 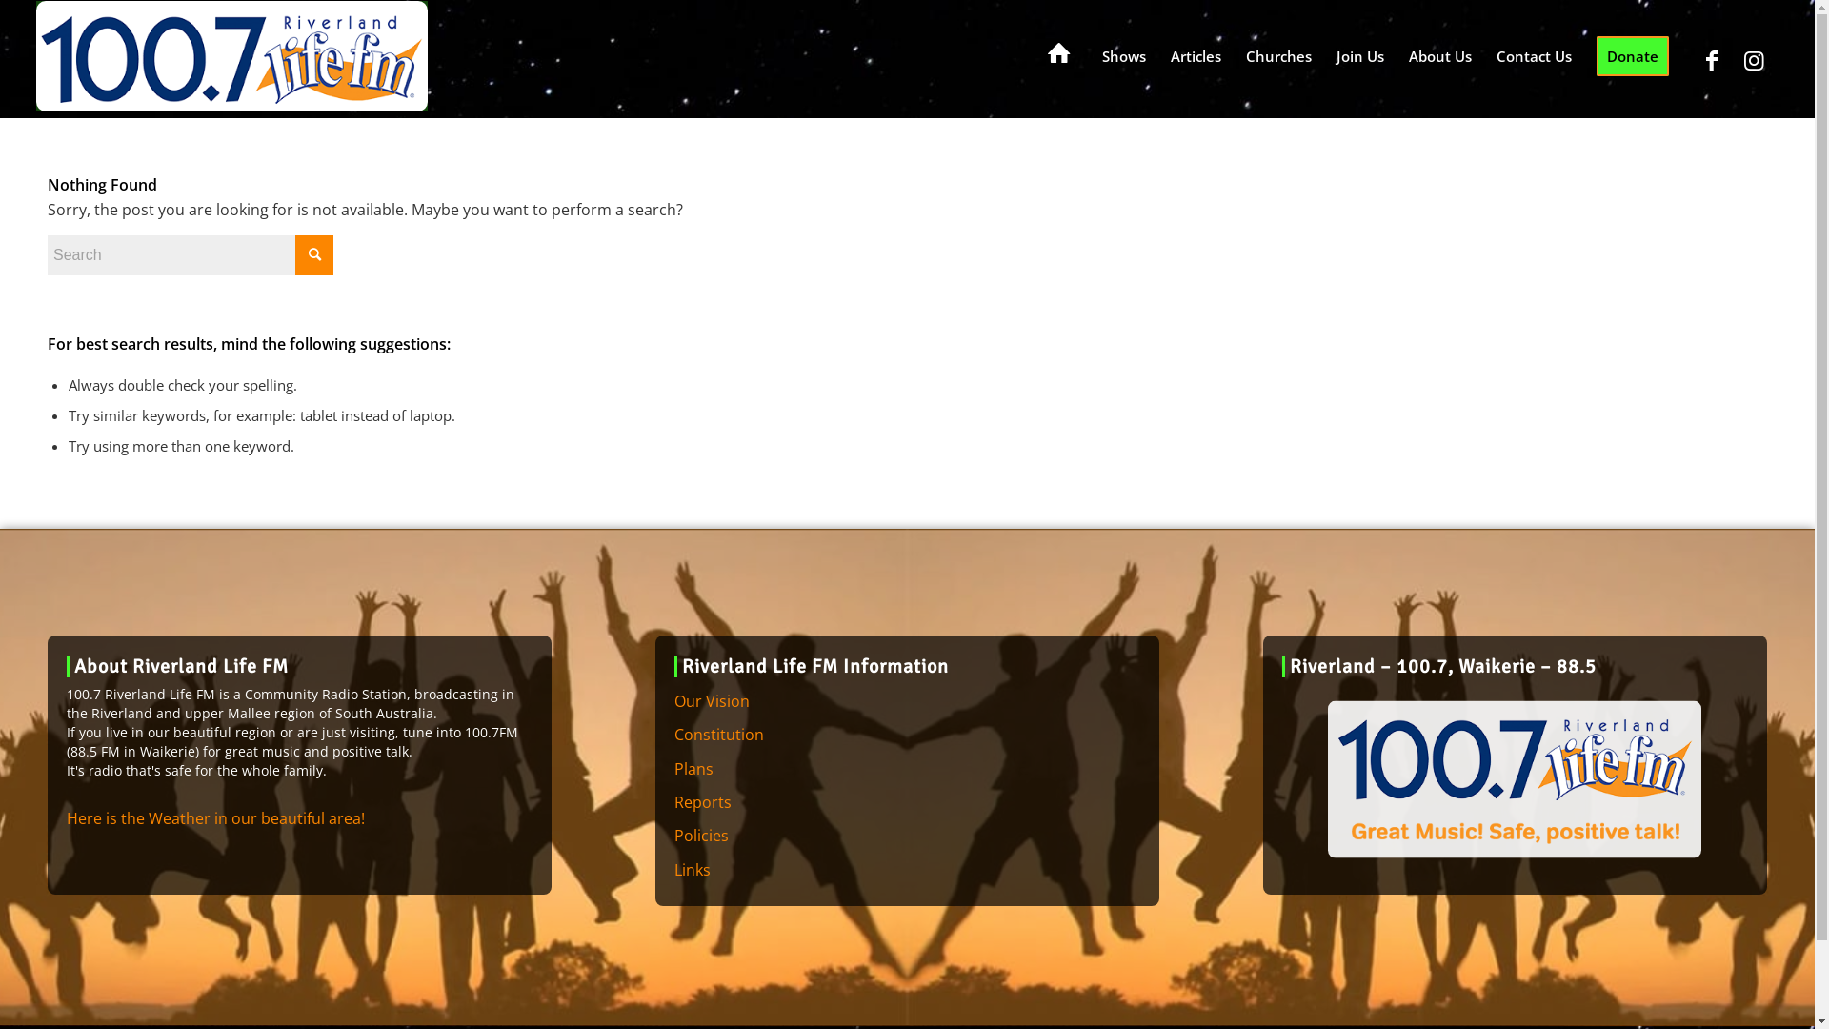 I want to click on 'Here is the Weather in our beautiful area!', so click(x=215, y=817).